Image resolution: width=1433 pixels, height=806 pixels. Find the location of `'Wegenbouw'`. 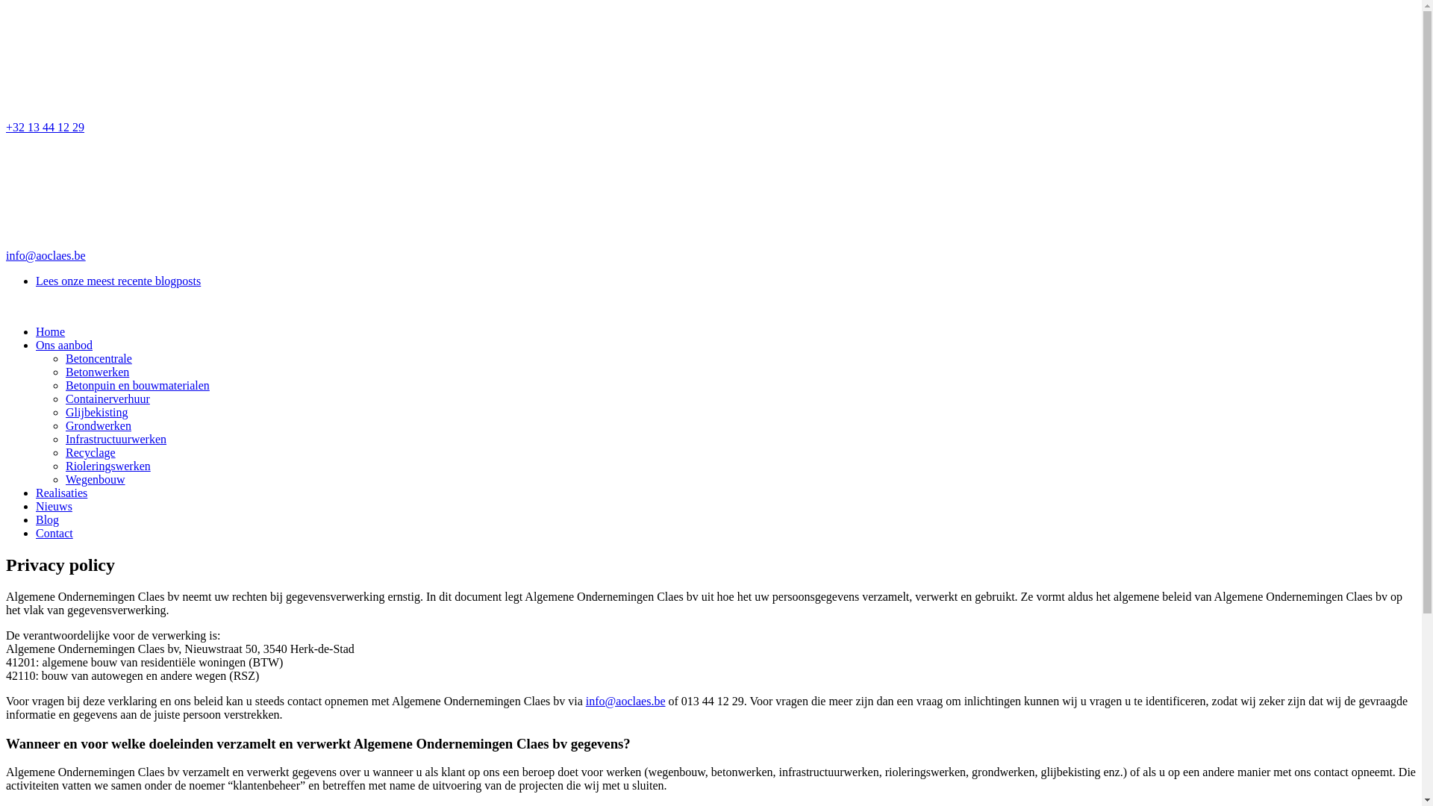

'Wegenbouw' is located at coordinates (95, 479).